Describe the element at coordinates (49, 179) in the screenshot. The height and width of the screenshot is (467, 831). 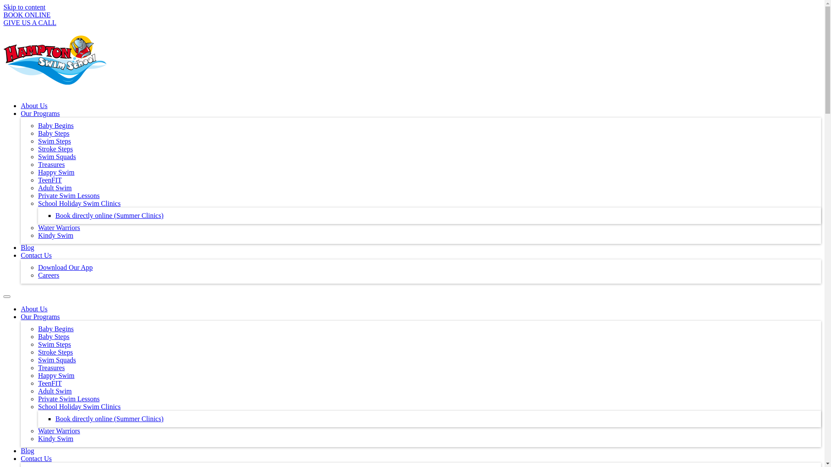
I see `'TeenFIT'` at that location.